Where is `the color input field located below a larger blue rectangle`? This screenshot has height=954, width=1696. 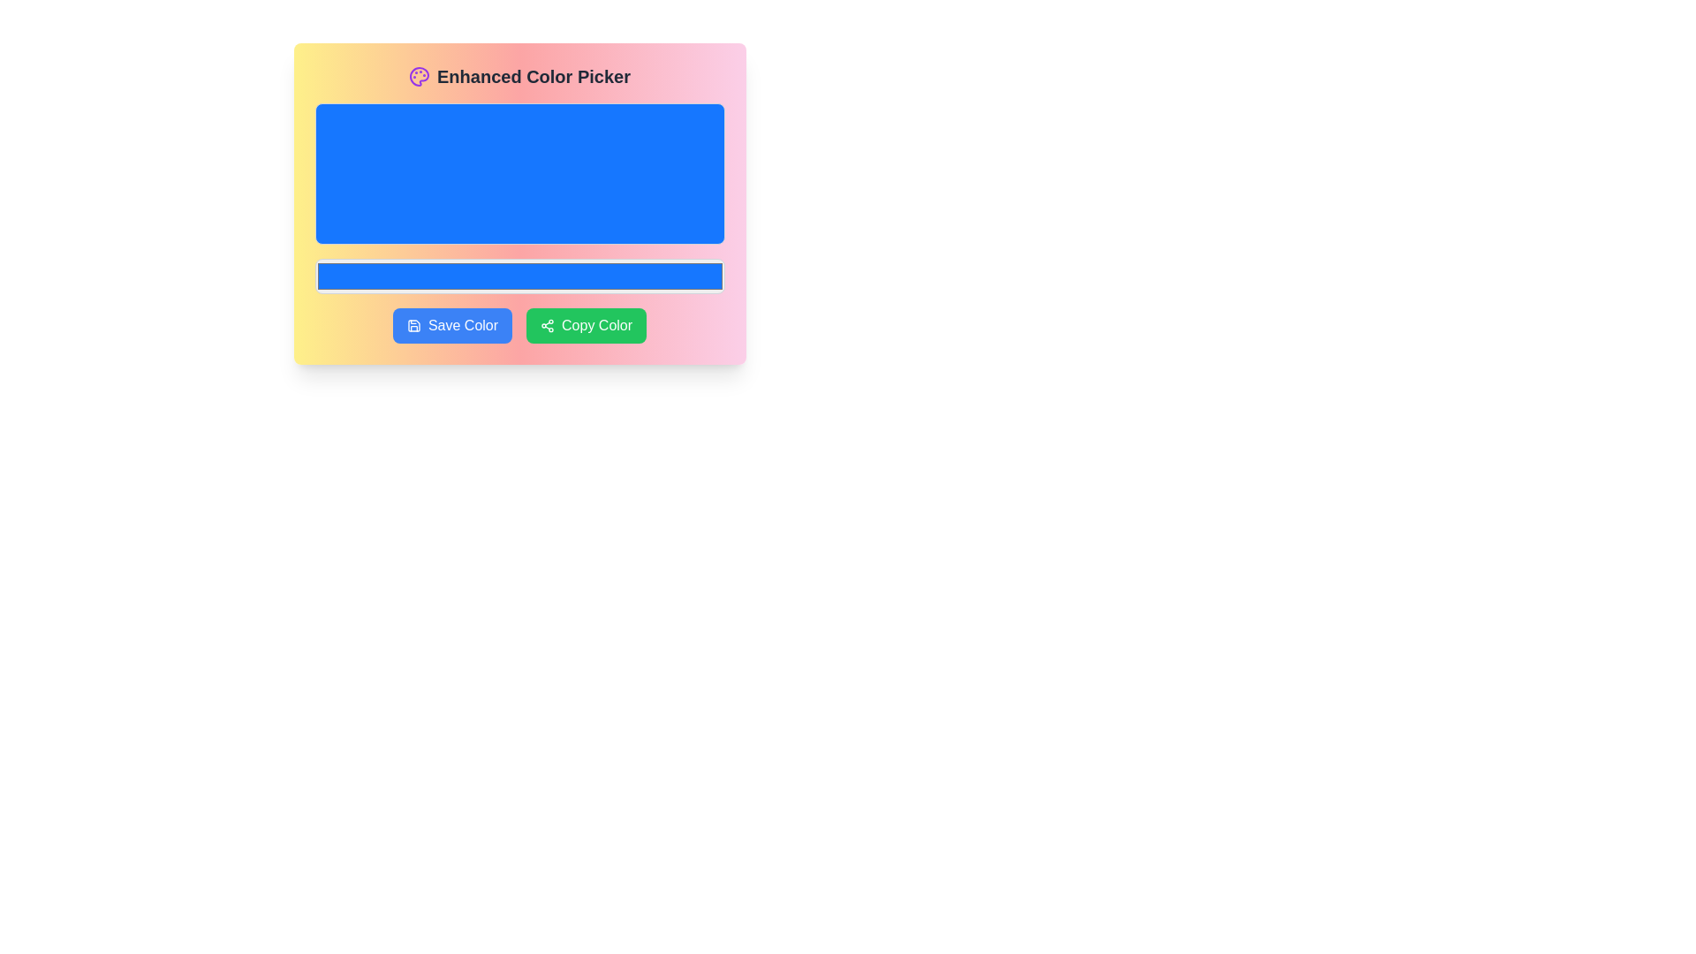 the color input field located below a larger blue rectangle is located at coordinates (519, 276).